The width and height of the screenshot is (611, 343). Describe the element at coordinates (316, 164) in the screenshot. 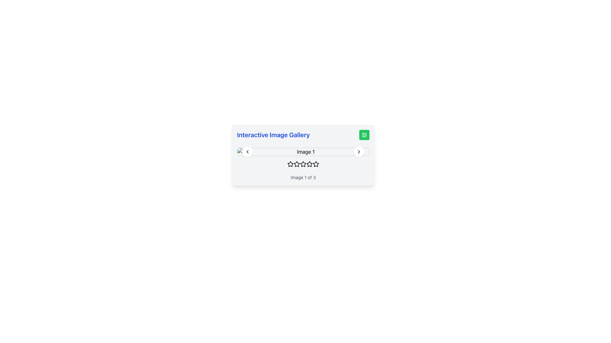

I see `the fifth star in the sequence of rating stars below the title 'Interactive Image Gallery'` at that location.